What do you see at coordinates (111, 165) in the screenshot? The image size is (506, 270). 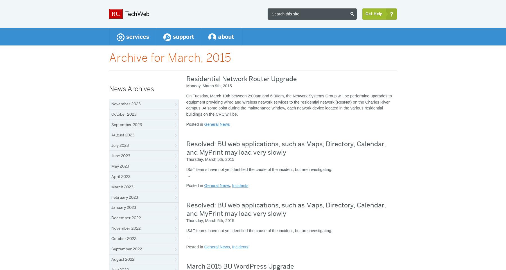 I see `'May 2023'` at bounding box center [111, 165].